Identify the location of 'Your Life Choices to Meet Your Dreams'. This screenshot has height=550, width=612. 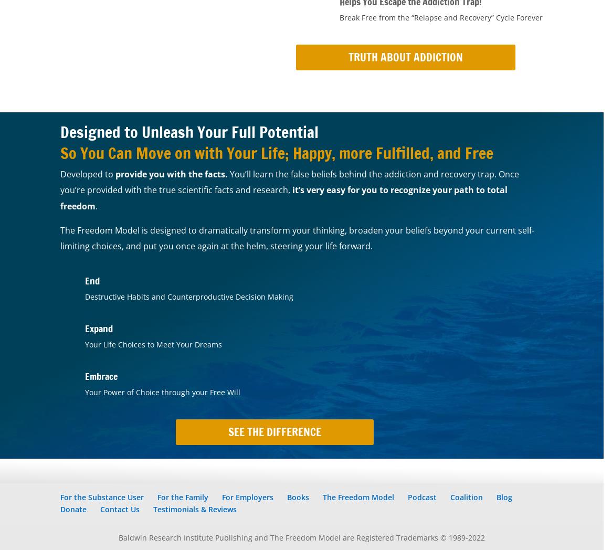
(153, 344).